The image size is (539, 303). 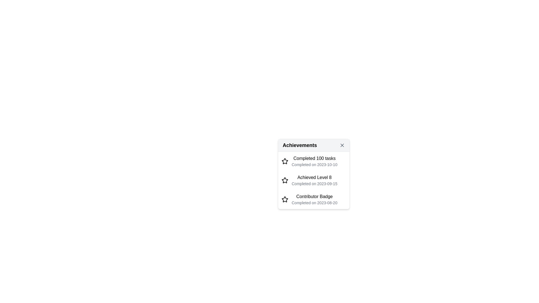 I want to click on the star-shaped yellow icon representing the 'Achieved Level 8' achievement in the achievements list, so click(x=285, y=180).